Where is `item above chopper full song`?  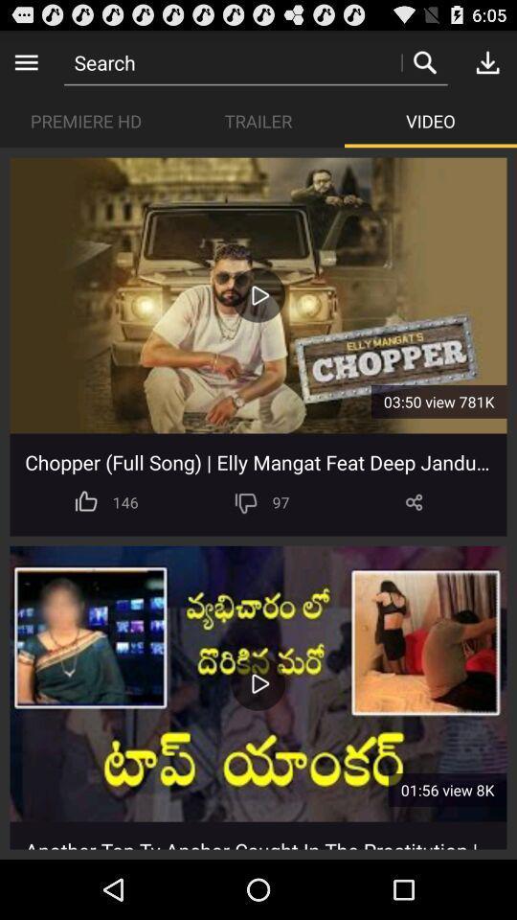 item above chopper full song is located at coordinates (258, 295).